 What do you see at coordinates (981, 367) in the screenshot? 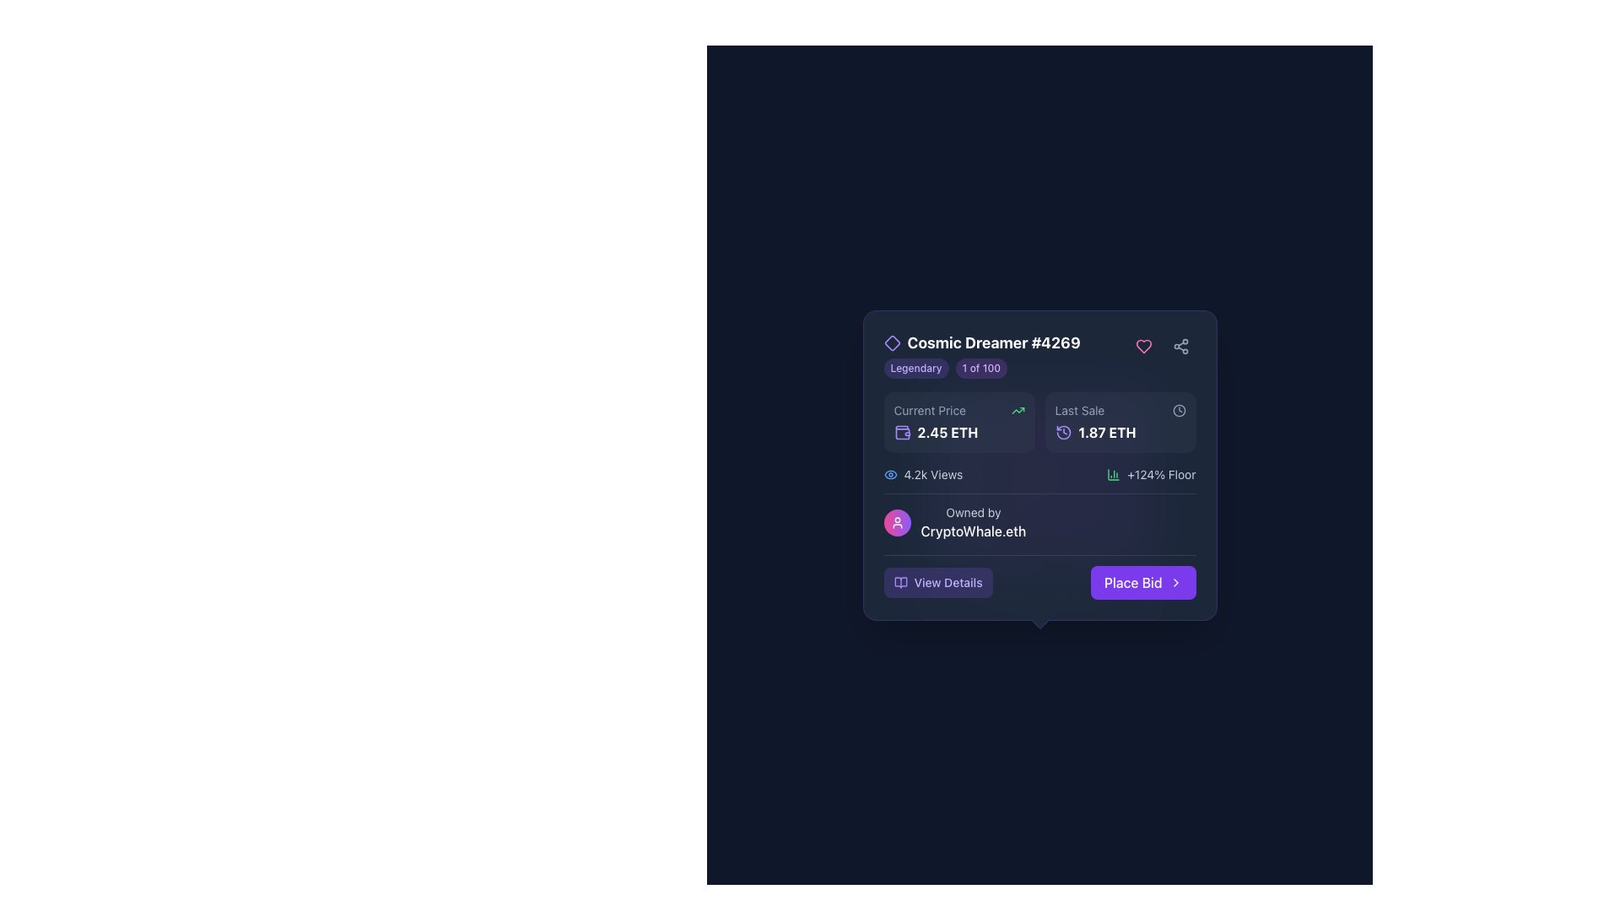
I see `the rounded label with a light purple background displaying '1 of 100', positioned to the right of the label 'Legendary'` at bounding box center [981, 367].